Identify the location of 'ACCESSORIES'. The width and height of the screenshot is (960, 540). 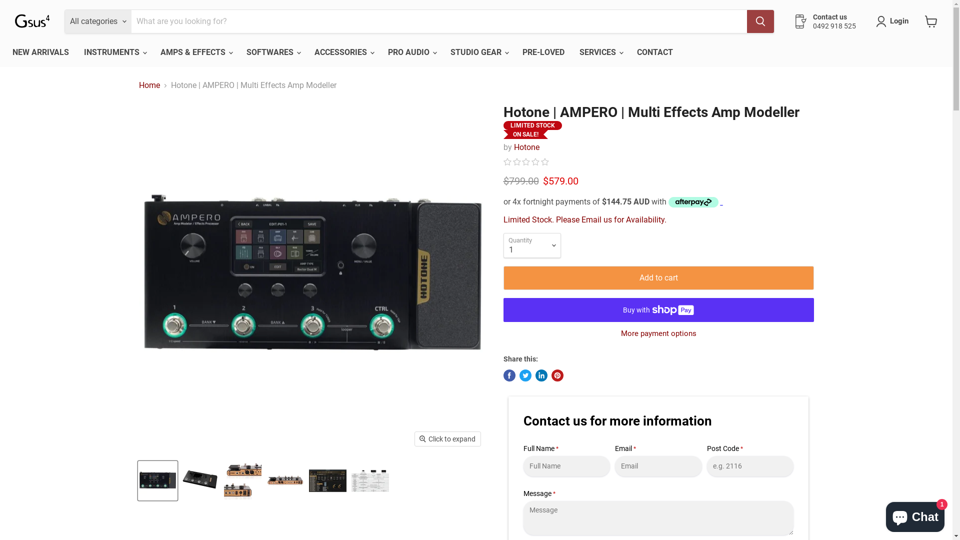
(306, 52).